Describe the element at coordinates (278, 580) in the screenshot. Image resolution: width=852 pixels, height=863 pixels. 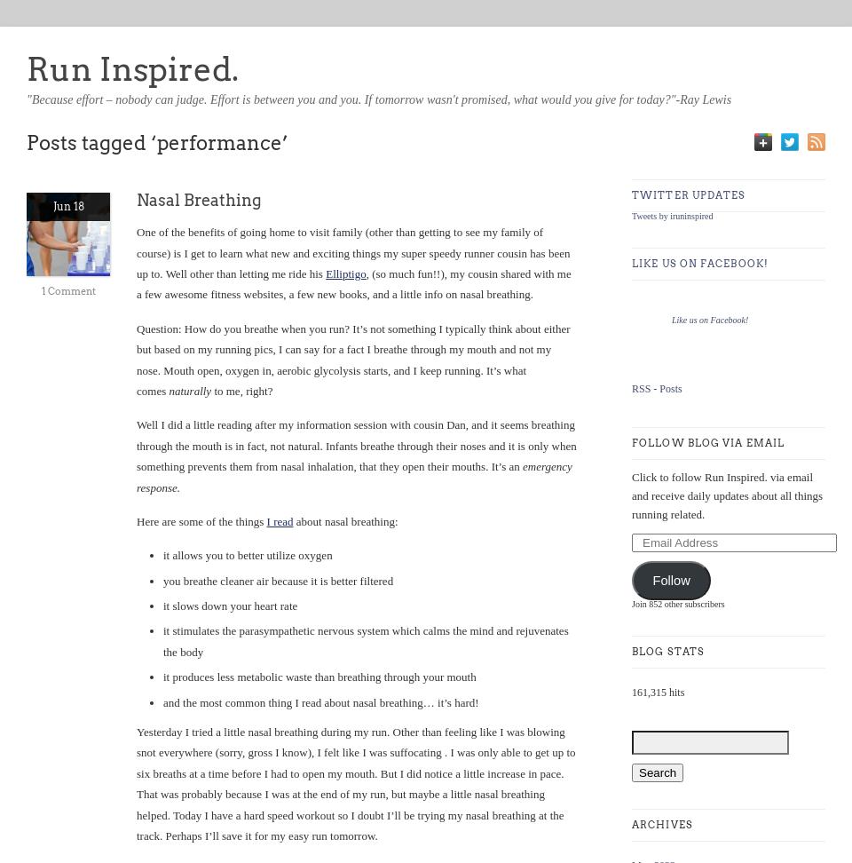
I see `'you breathe cleaner air because it is better filtered'` at that location.